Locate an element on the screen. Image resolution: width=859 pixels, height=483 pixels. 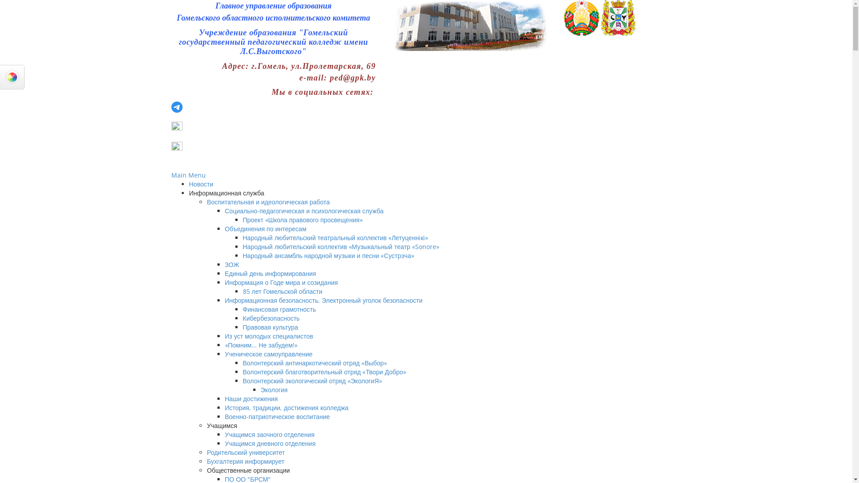
'Main Menu' is located at coordinates (171, 175).